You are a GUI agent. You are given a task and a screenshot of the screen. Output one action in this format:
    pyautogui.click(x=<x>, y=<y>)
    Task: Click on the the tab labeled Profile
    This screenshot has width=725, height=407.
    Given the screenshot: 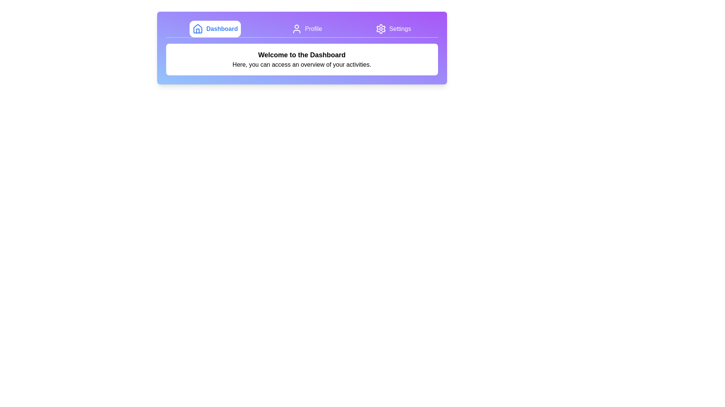 What is the action you would take?
    pyautogui.click(x=307, y=29)
    